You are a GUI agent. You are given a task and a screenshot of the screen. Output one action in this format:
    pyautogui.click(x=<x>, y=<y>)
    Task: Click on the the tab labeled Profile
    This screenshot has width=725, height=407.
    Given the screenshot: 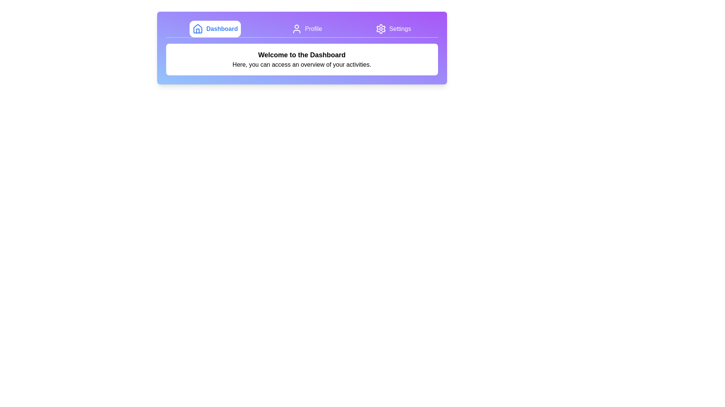 What is the action you would take?
    pyautogui.click(x=307, y=29)
    